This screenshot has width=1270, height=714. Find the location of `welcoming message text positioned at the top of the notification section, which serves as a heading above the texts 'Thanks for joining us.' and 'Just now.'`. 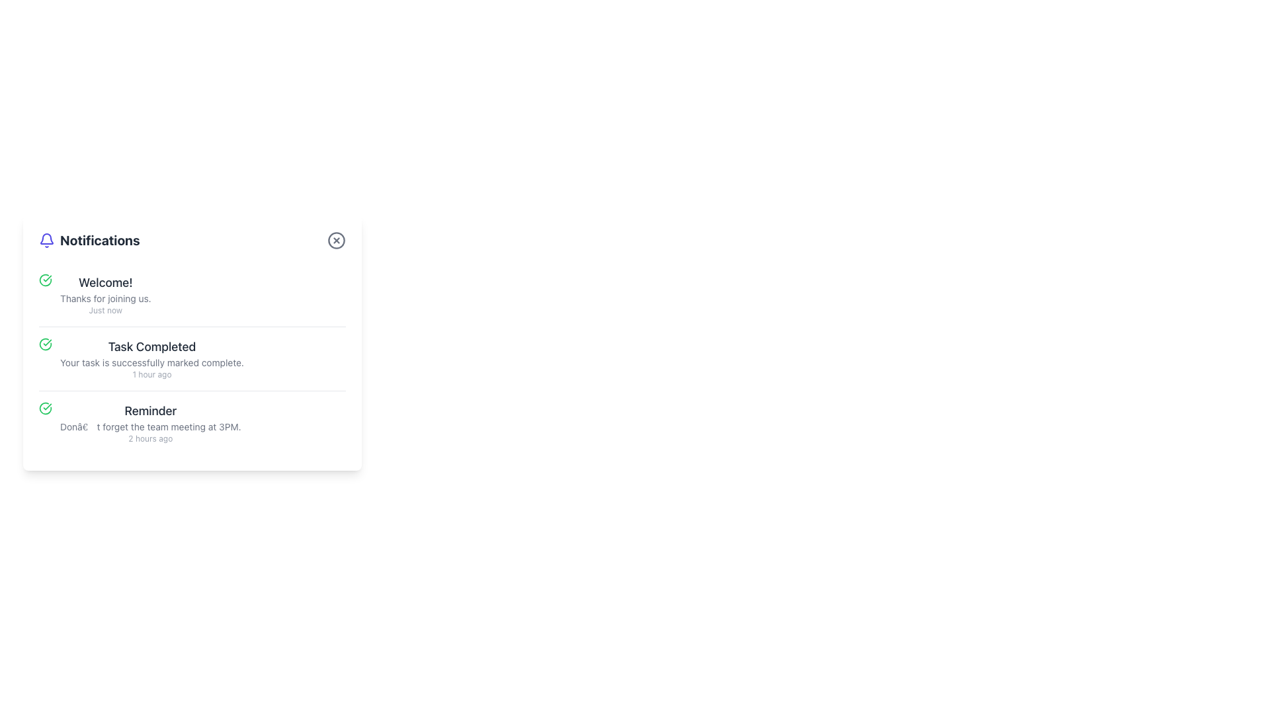

welcoming message text positioned at the top of the notification section, which serves as a heading above the texts 'Thanks for joining us.' and 'Just now.' is located at coordinates (105, 282).